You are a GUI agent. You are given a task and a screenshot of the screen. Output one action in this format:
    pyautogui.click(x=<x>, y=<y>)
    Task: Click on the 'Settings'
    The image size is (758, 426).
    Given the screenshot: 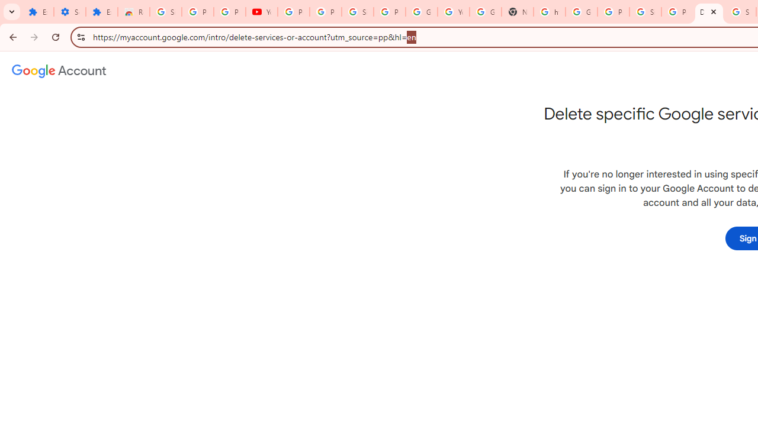 What is the action you would take?
    pyautogui.click(x=69, y=12)
    